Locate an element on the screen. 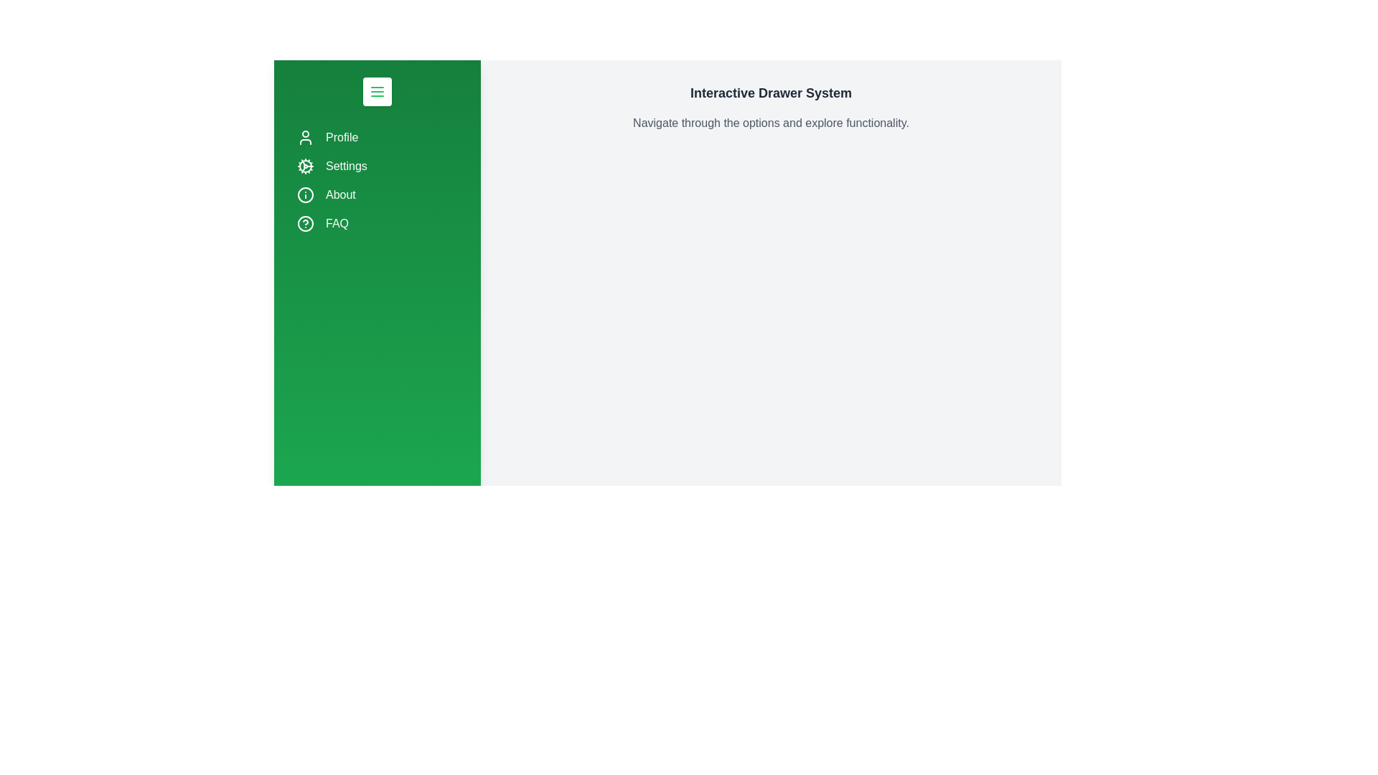 The height and width of the screenshot is (775, 1378). the navigation item Profile by clicking on it is located at coordinates (378, 138).